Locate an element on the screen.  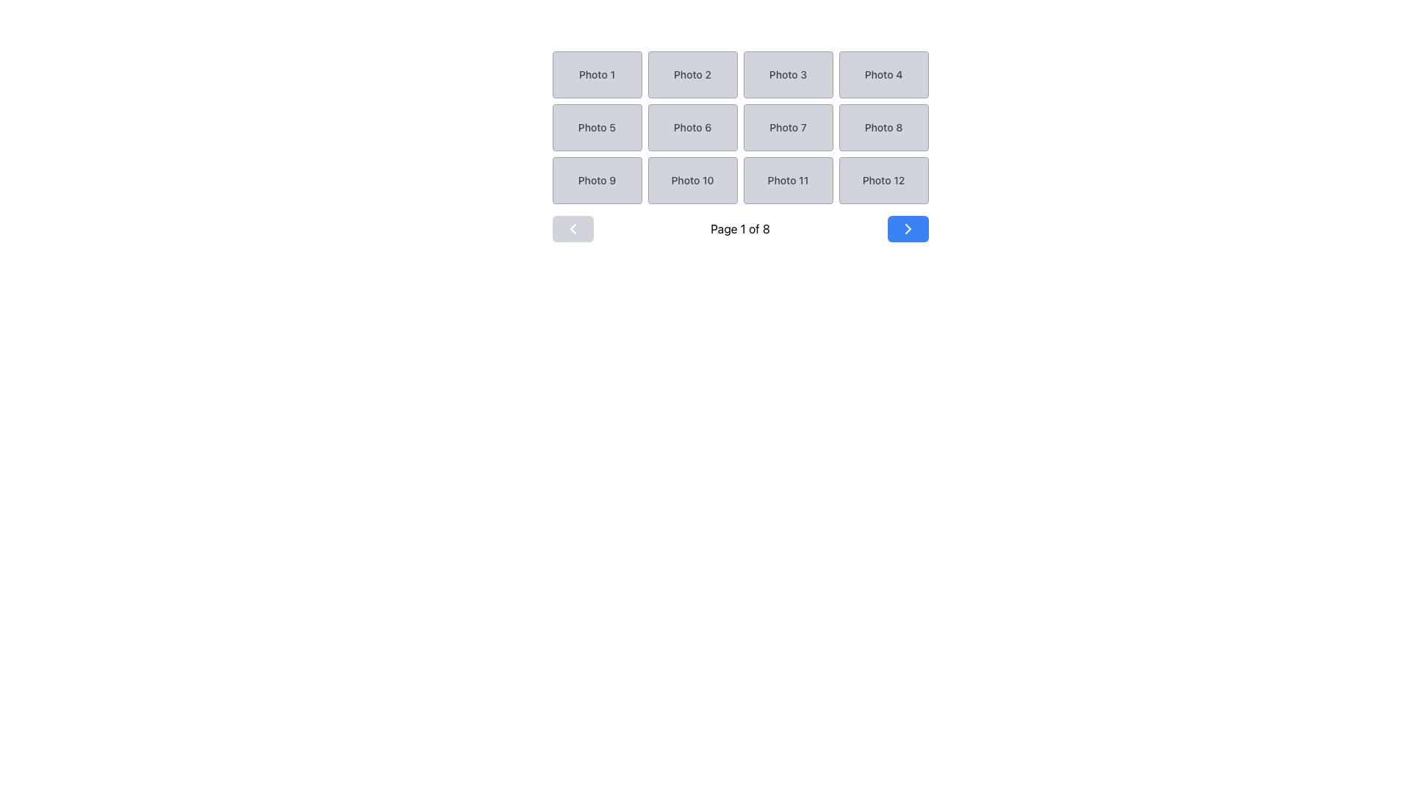
the non-interactive button that serves as a static label for 'Photo 10', located in the second position of the third row in a 3x4 grid layout is located at coordinates (692, 180).